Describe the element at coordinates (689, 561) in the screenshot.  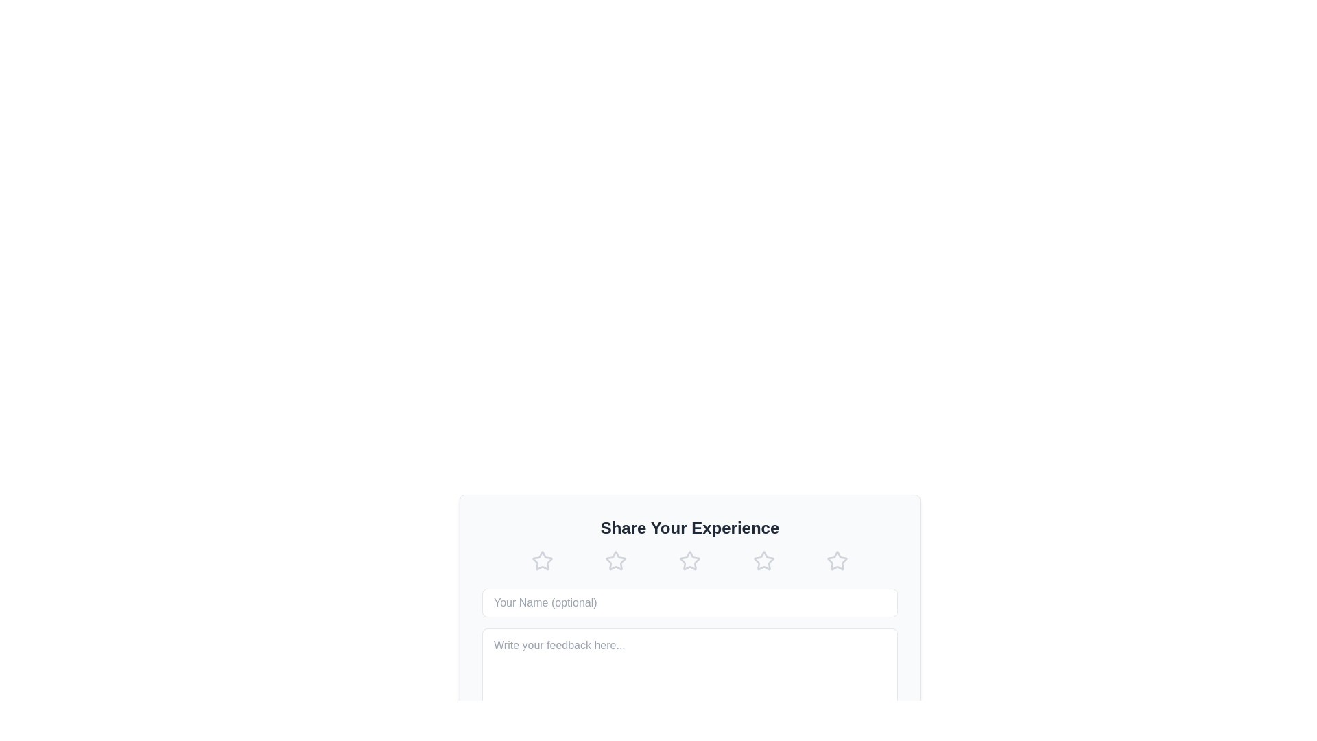
I see `the third star rating button in the star rating system` at that location.